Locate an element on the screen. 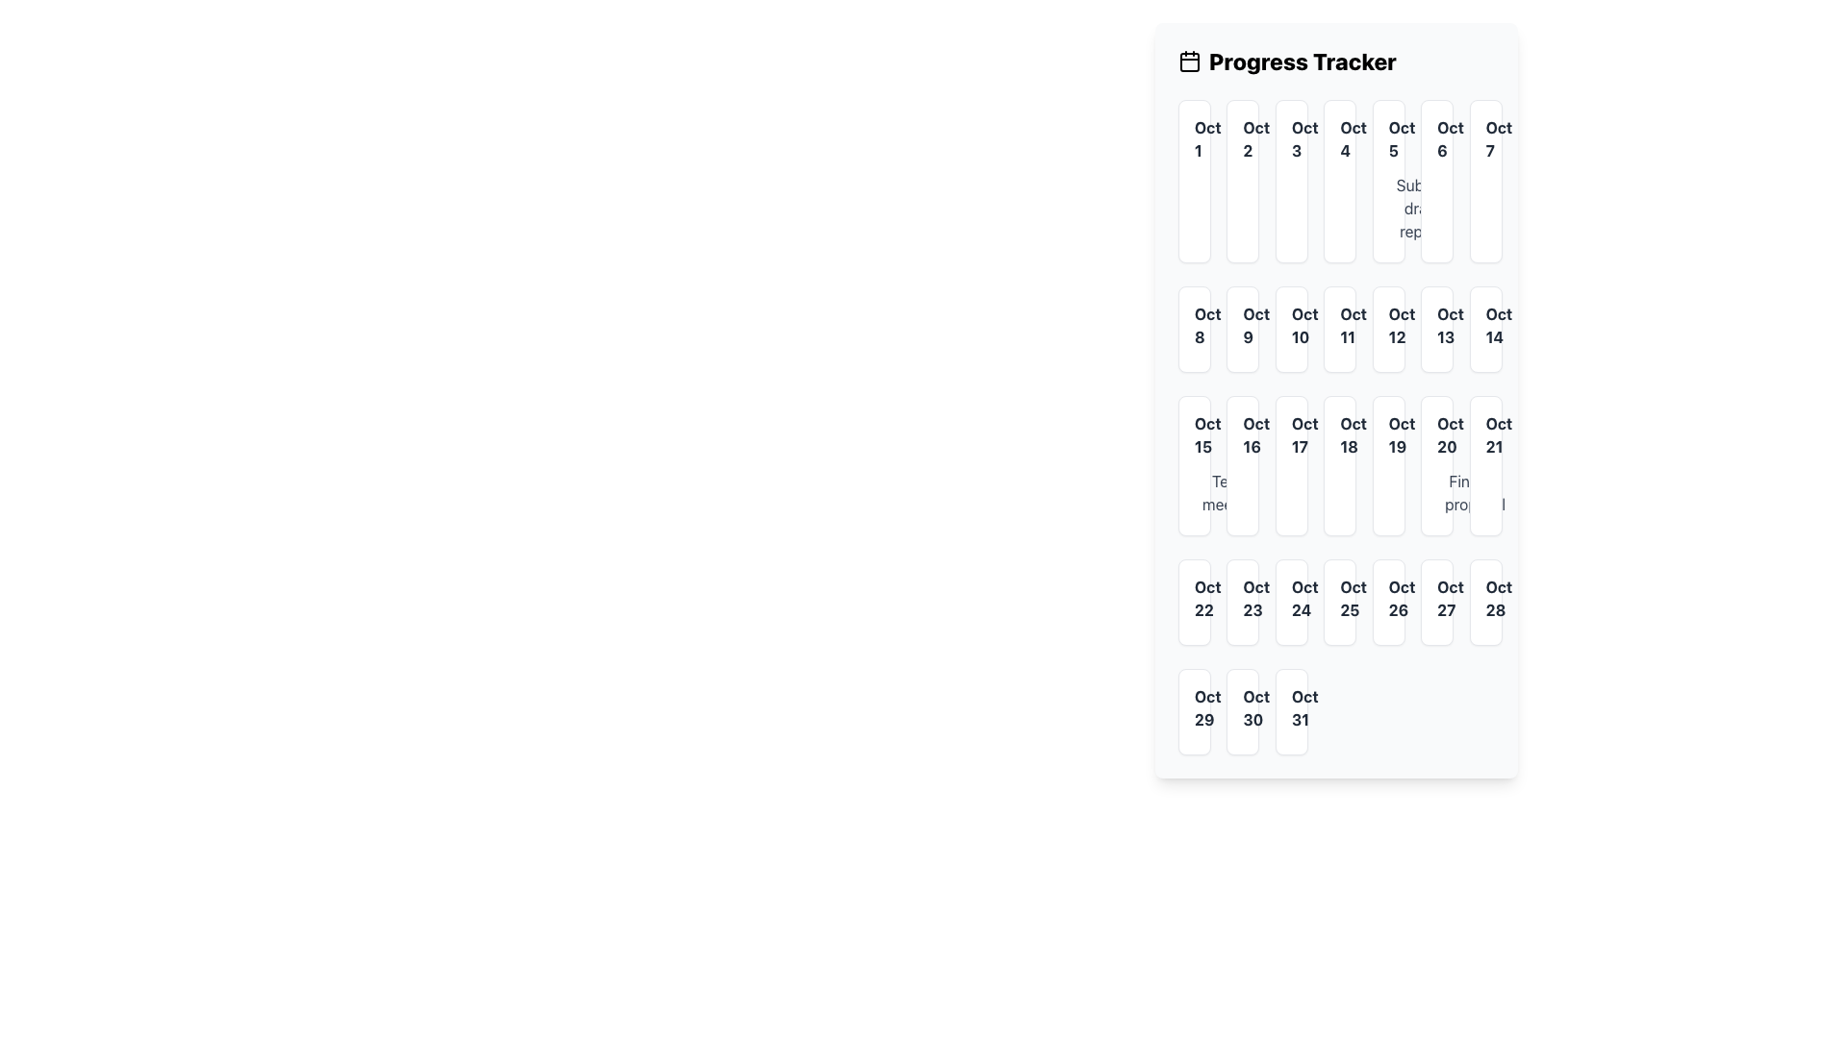  the Calendar Day Box displaying 'Oct 30' is located at coordinates (1243, 711).